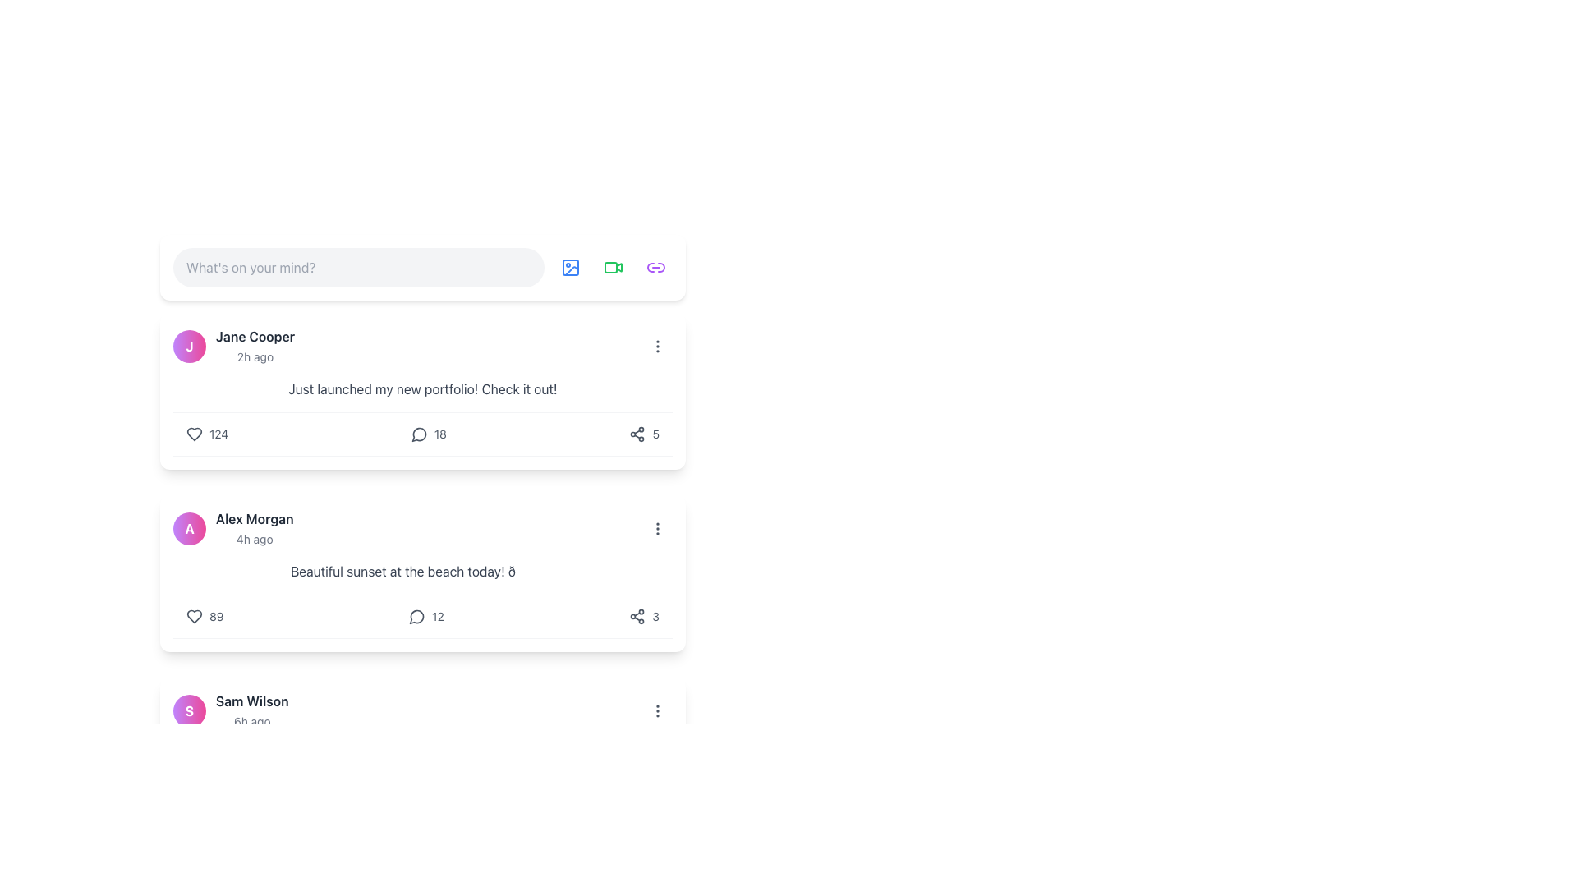  Describe the element at coordinates (189, 710) in the screenshot. I see `the avatar icon representing the user, identified by the initial 'S'` at that location.